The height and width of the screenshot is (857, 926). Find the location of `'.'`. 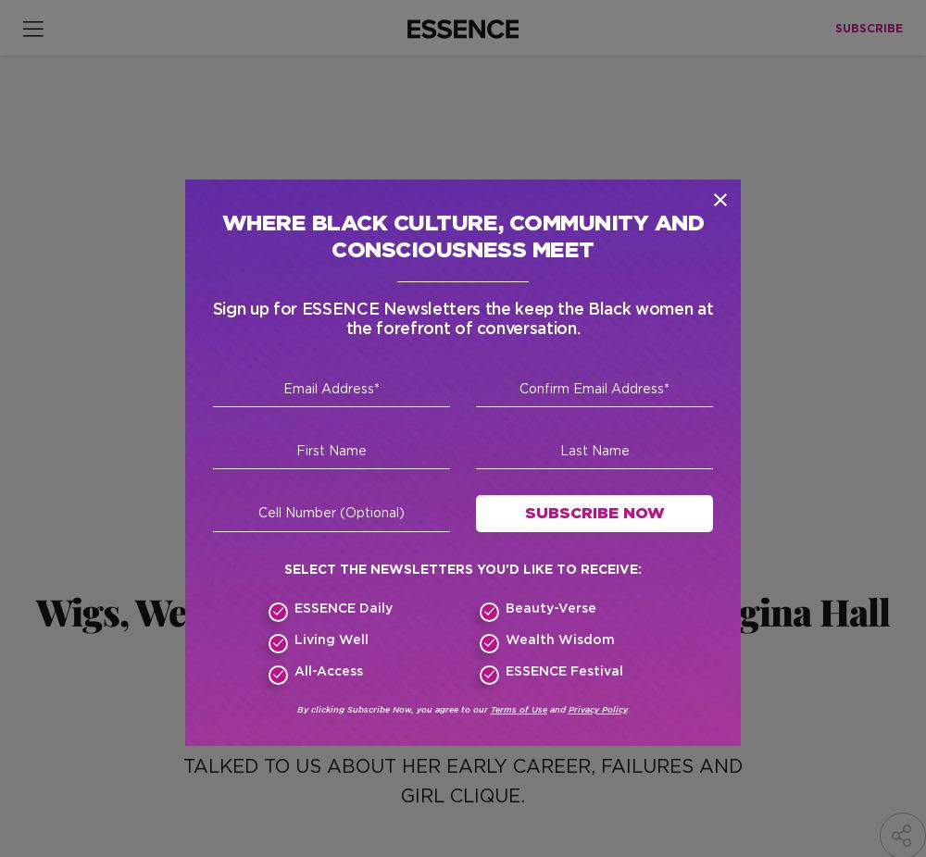

'.' is located at coordinates (627, 709).